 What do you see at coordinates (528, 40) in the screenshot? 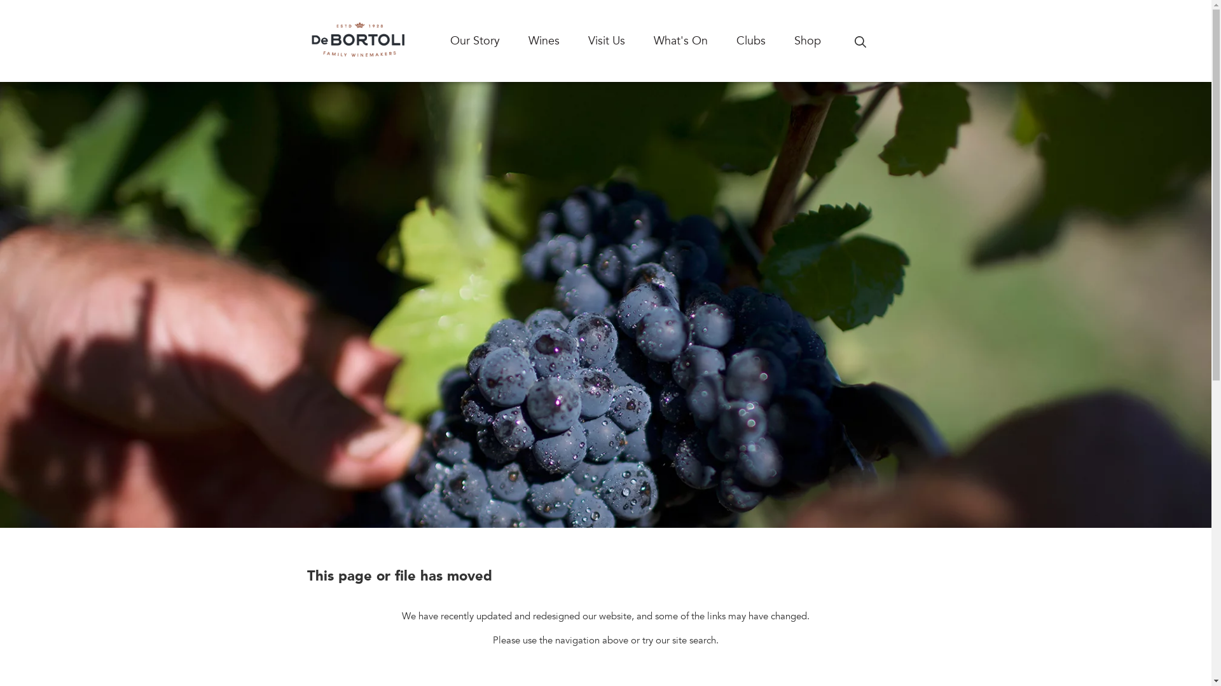
I see `'Wines'` at bounding box center [528, 40].